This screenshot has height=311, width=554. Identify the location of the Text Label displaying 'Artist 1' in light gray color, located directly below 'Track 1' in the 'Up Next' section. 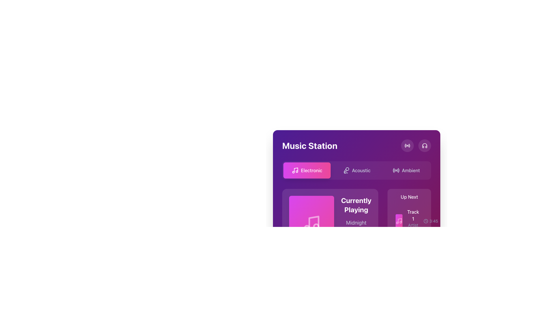
(413, 227).